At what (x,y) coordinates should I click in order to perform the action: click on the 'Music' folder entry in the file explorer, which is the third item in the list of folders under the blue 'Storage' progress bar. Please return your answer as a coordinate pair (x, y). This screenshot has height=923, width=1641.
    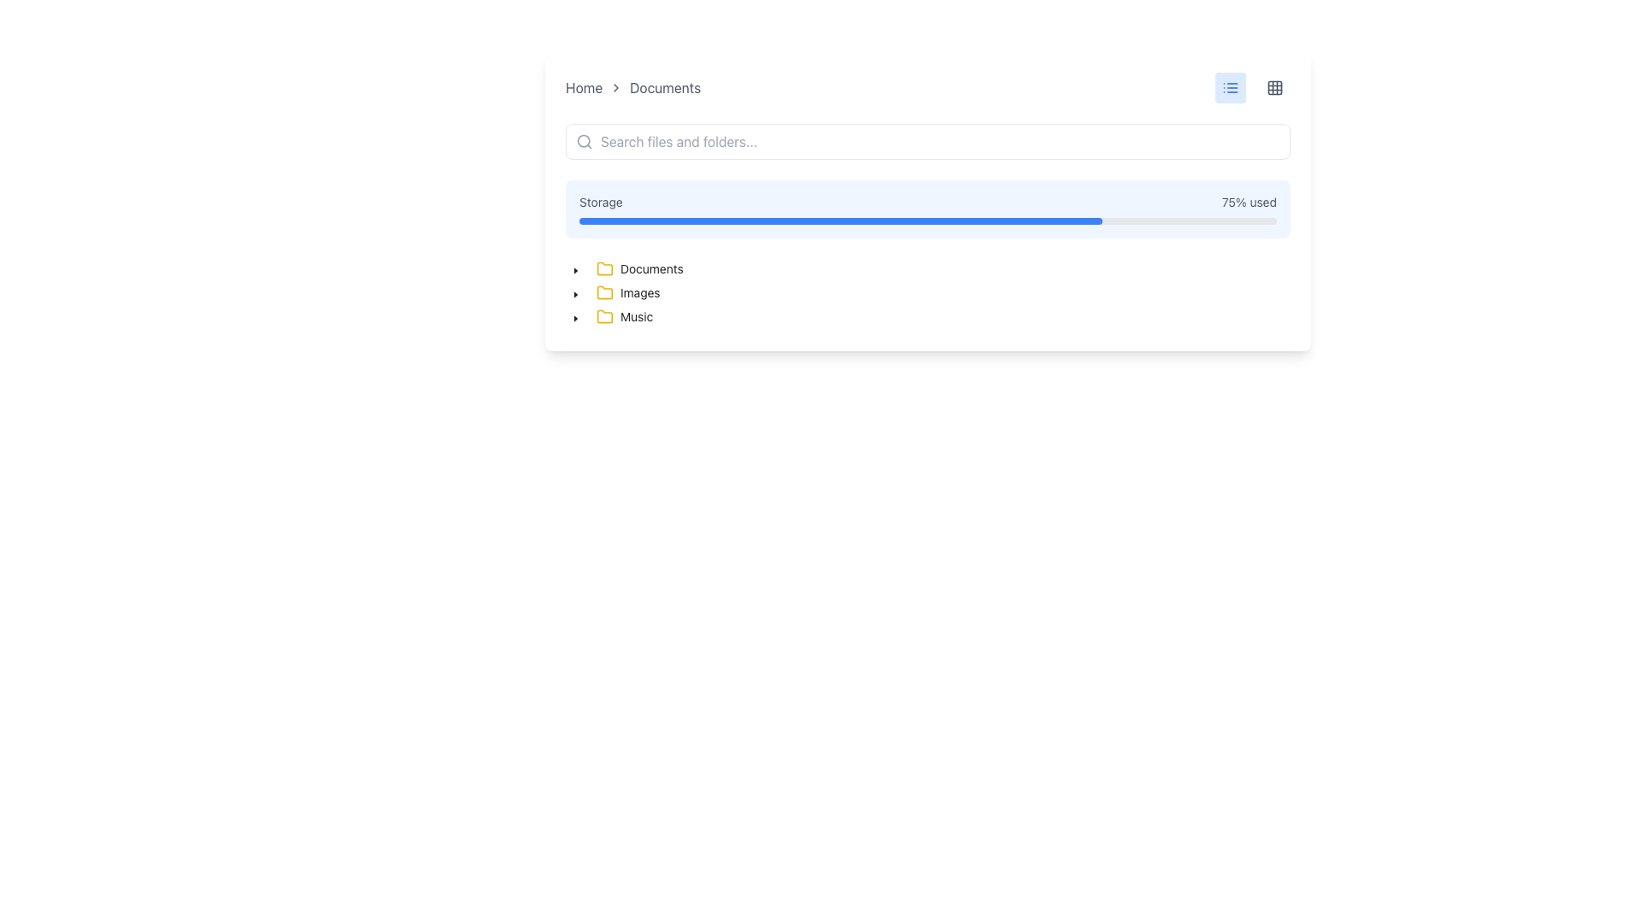
    Looking at the image, I should click on (623, 316).